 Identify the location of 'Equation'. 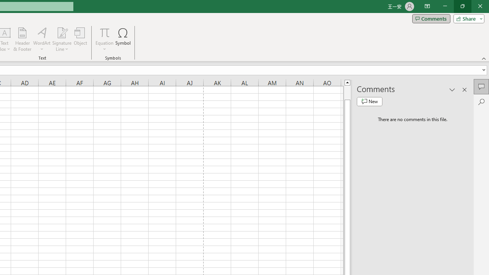
(104, 39).